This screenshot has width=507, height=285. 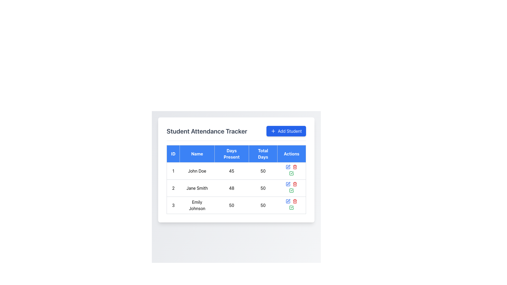 What do you see at coordinates (291, 171) in the screenshot?
I see `the confirmation icon button in the Actions column of the first row corresponding to student 'John Doe'` at bounding box center [291, 171].